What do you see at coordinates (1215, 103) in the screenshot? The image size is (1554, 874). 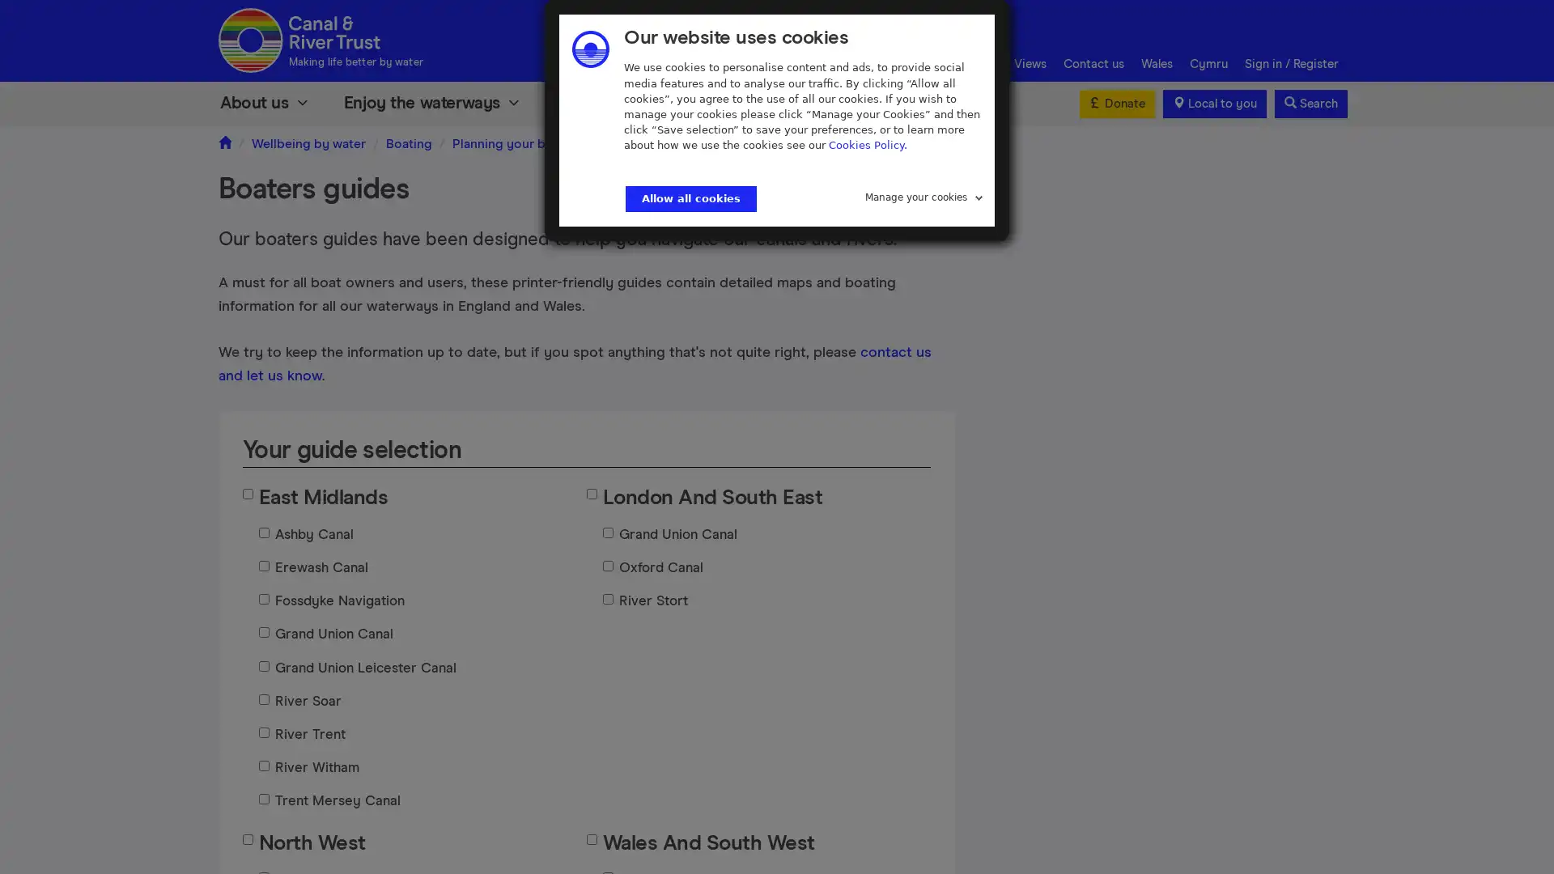 I see `Local to you` at bounding box center [1215, 103].